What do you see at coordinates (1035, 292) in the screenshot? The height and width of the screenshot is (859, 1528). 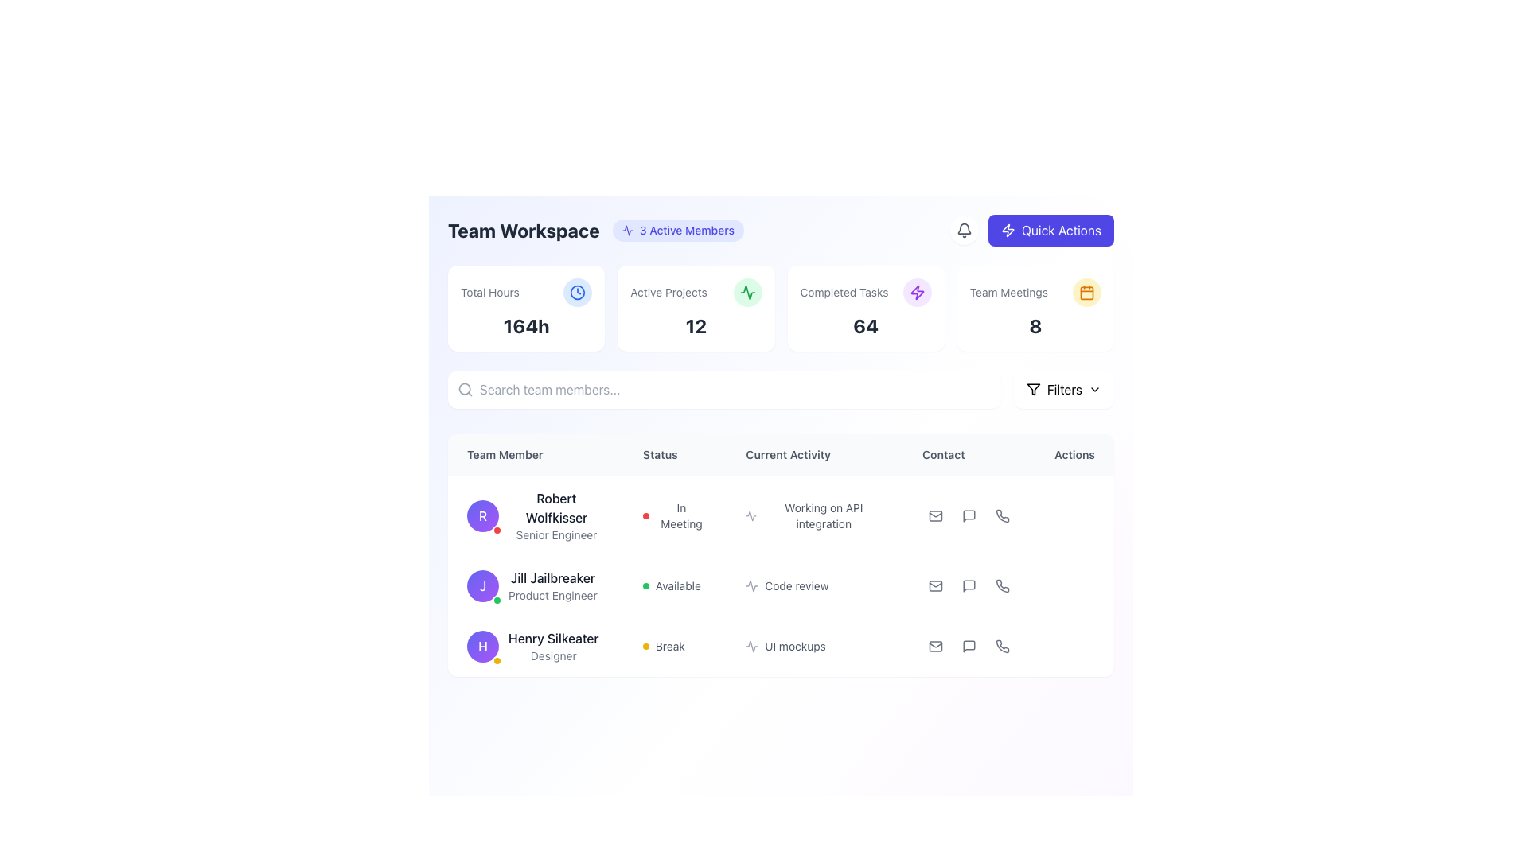 I see `the 'Team Meetings' text label with icon, which features a calendar icon on a yellow circular background, located at the top-right corner of the user interface` at bounding box center [1035, 292].